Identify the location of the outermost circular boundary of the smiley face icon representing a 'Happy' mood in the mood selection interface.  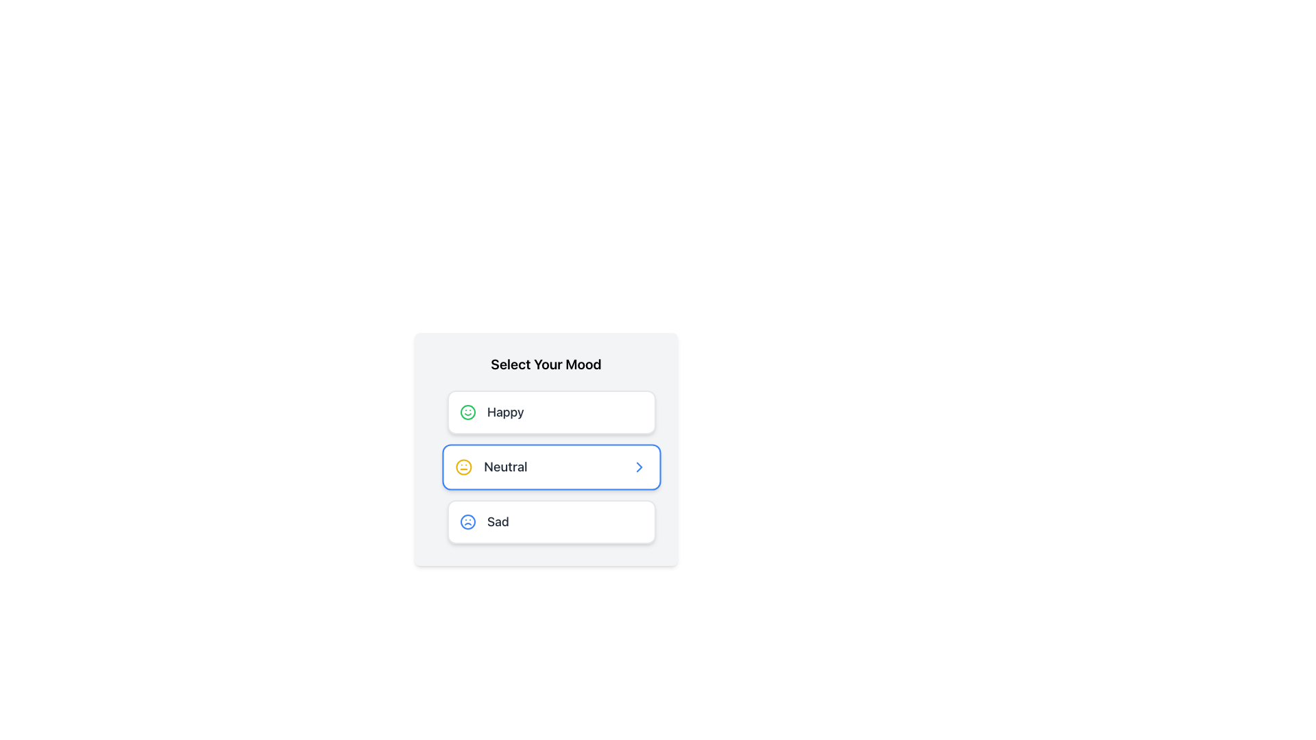
(467, 411).